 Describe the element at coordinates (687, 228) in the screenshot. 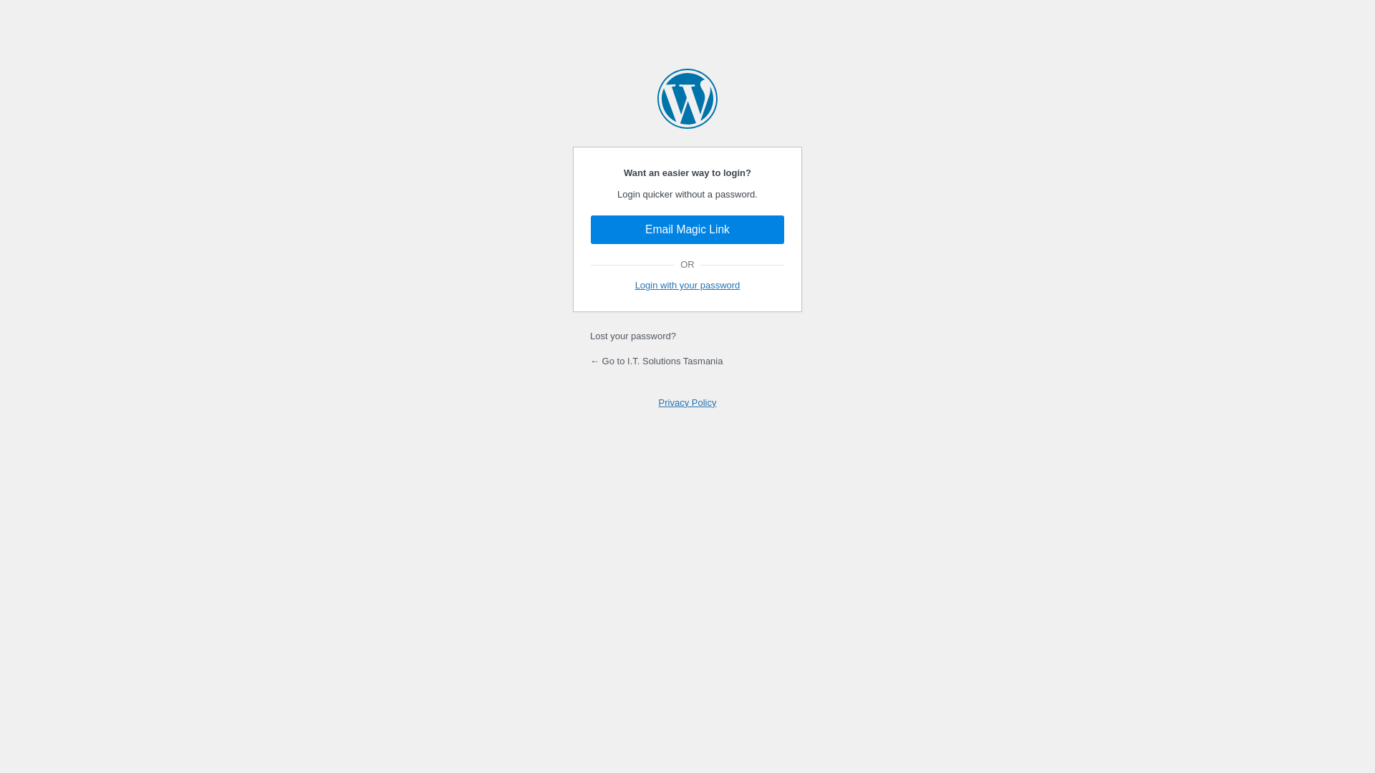

I see `'Email Magic Link'` at that location.